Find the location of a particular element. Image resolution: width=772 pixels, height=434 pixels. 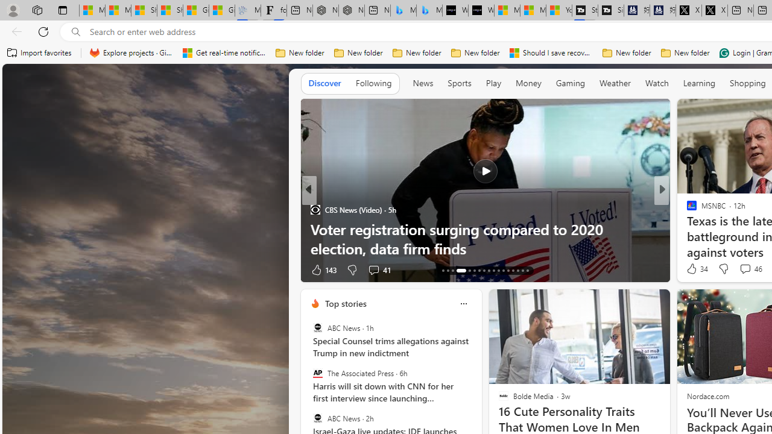

'Learning' is located at coordinates (699, 82).